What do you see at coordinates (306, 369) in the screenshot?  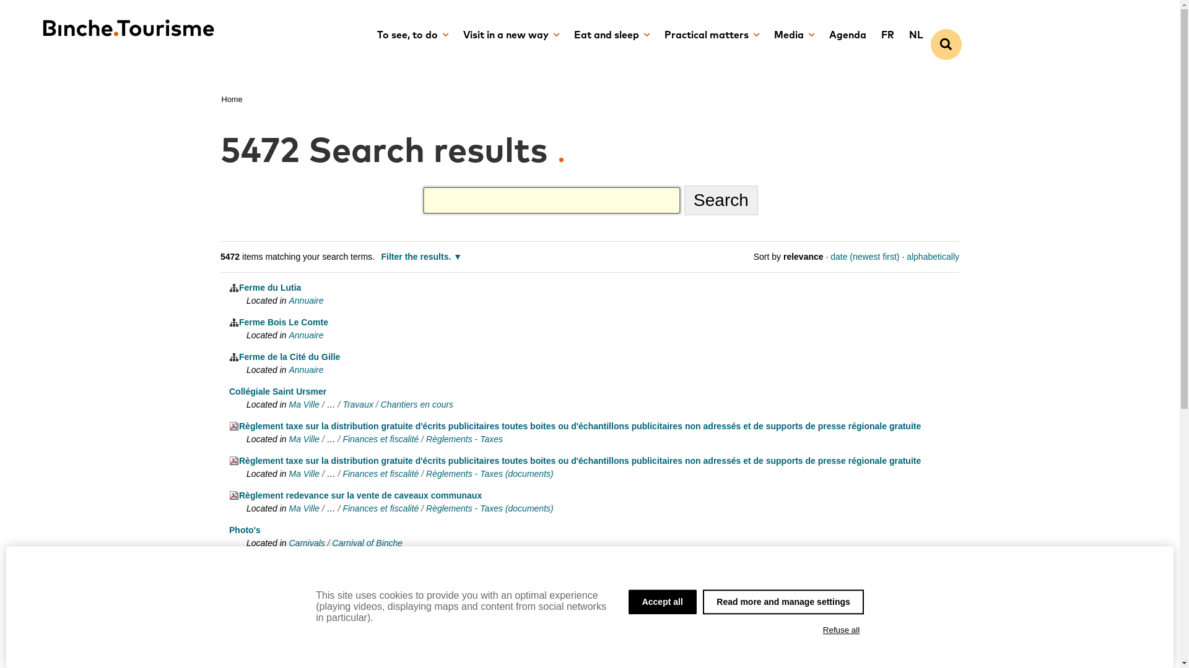 I see `'Annuaire'` at bounding box center [306, 369].